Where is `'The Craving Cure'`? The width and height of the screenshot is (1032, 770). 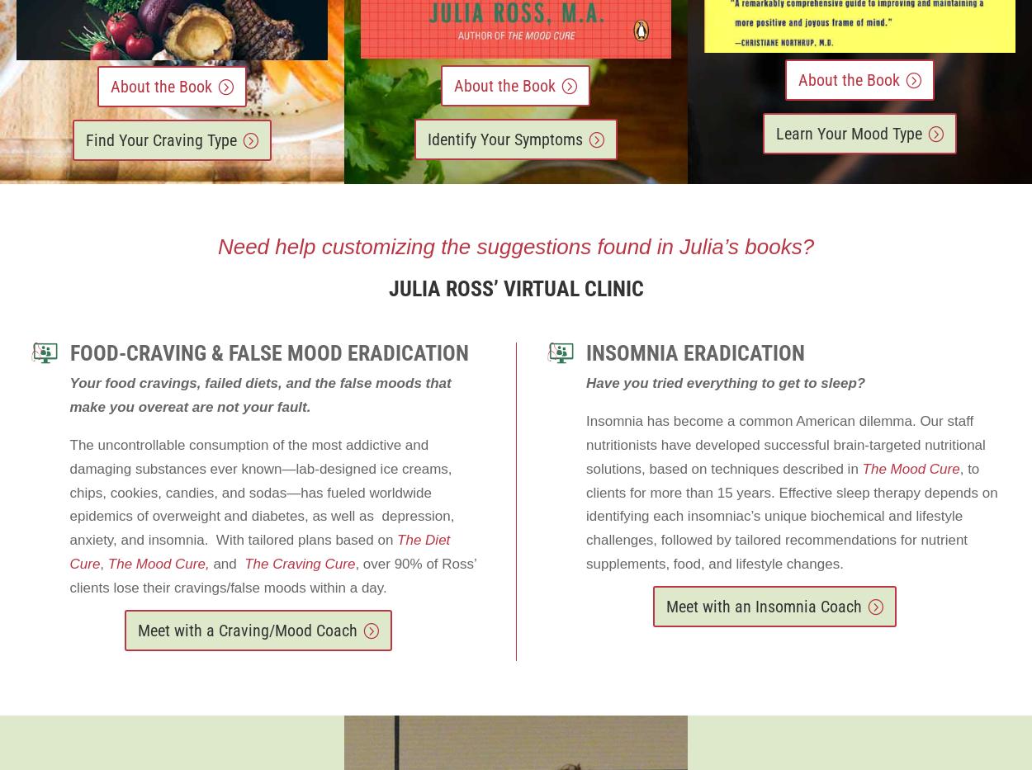
'The Craving Cure' is located at coordinates (299, 564).